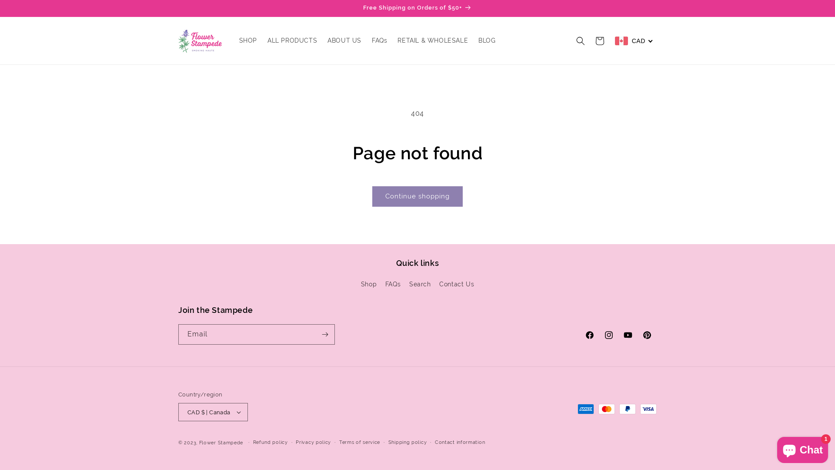 Image resolution: width=835 pixels, height=470 pixels. I want to click on 'Privacy policy', so click(313, 443).